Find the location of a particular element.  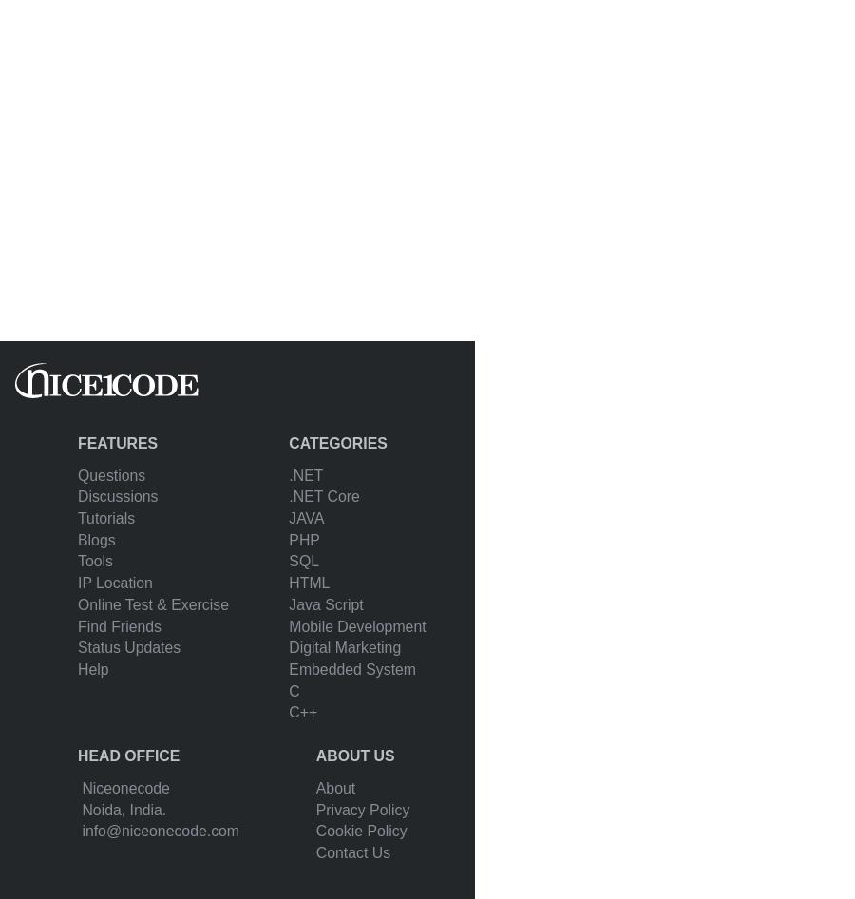

'Blogs' is located at coordinates (95, 538).